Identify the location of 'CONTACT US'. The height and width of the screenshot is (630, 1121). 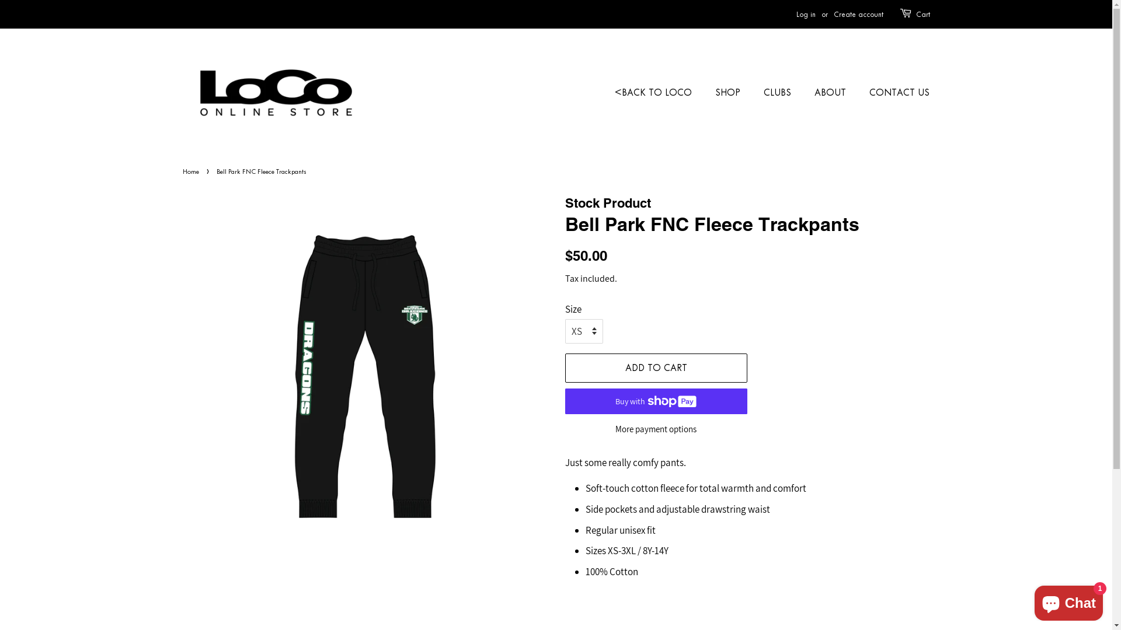
(894, 92).